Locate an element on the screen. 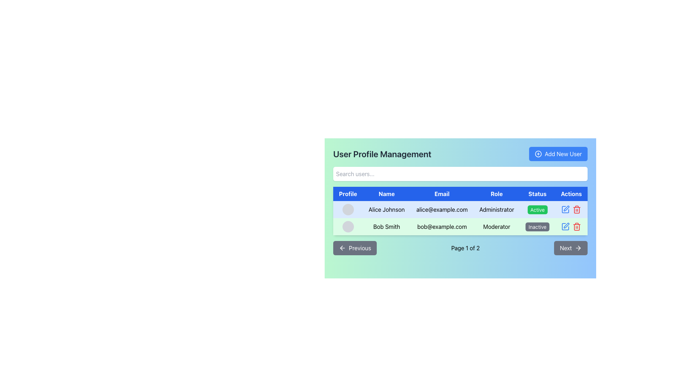 The width and height of the screenshot is (685, 385). the 'Next' icon located at the bottom-right corner of the pagination section, which visually indicates a forward action is located at coordinates (578, 247).